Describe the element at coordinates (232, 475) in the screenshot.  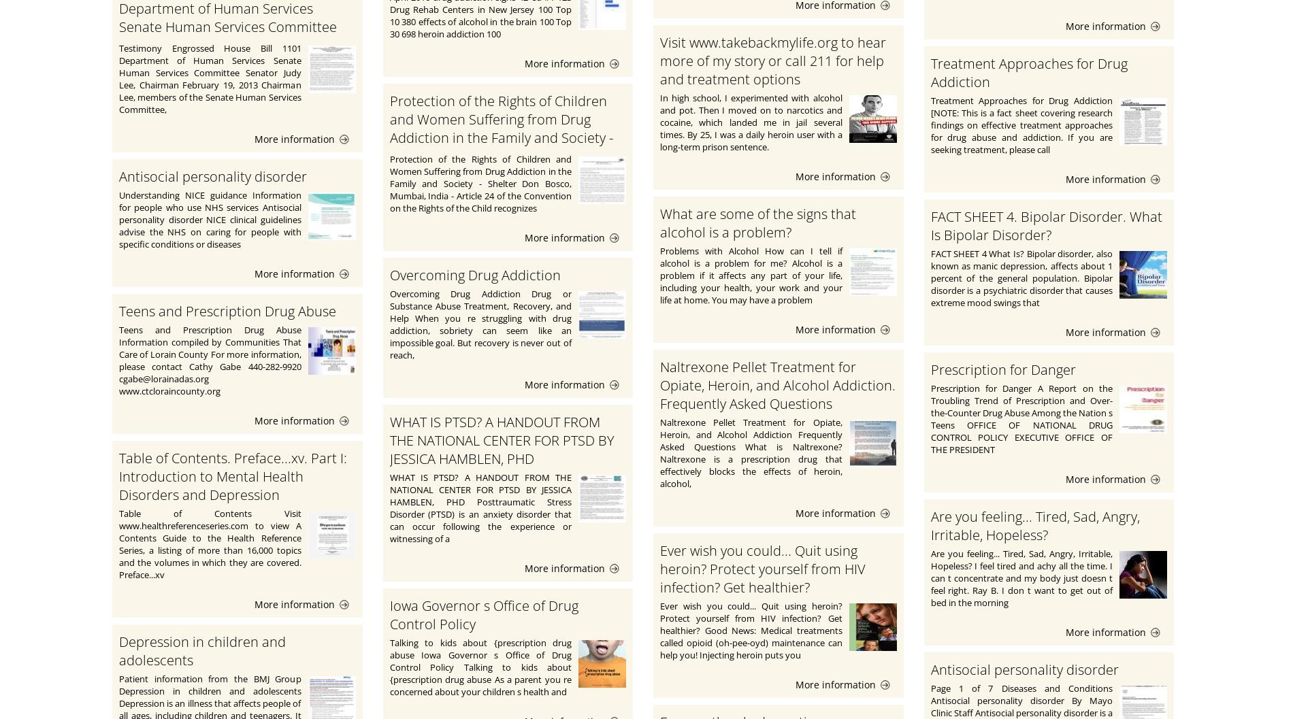
I see `'Table of Contents. Preface...xv. Part I: Introduction to Mental Health Disorders and Depression'` at that location.